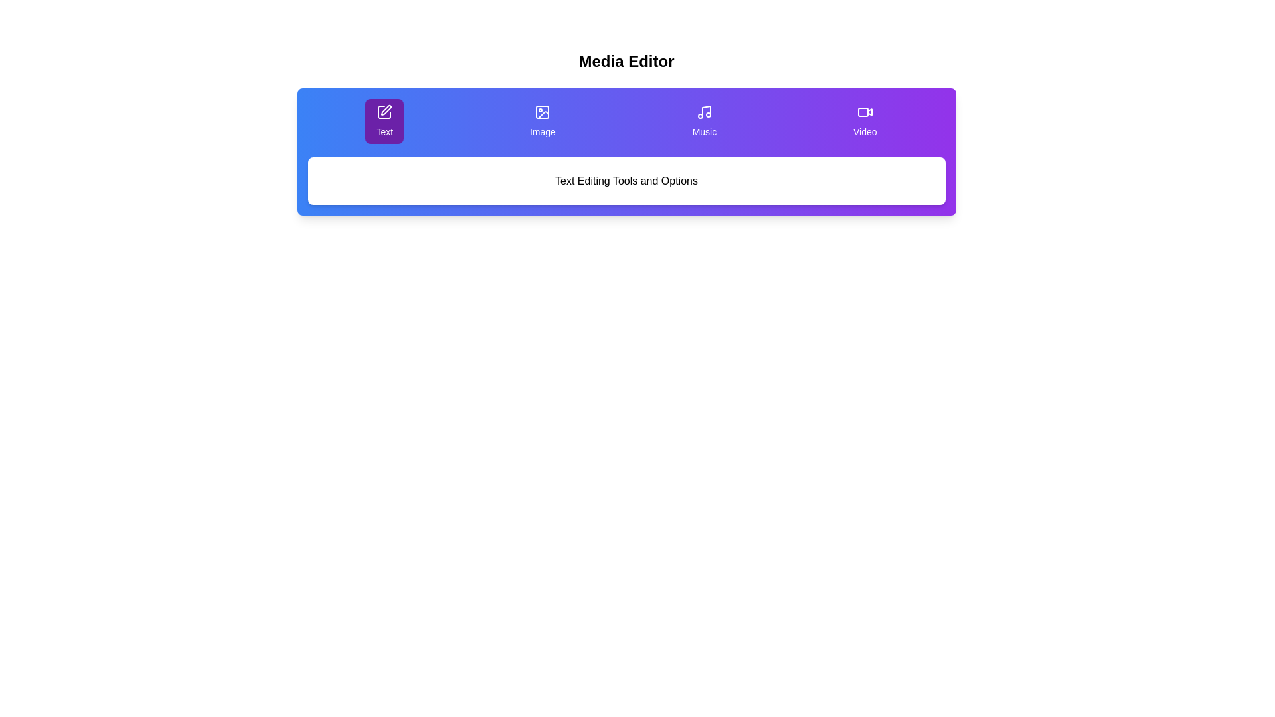 This screenshot has height=717, width=1275. What do you see at coordinates (865, 112) in the screenshot?
I see `the video camera icon, which is a purple SVG graphic located in the 'Video' button in the top-right section of the interface toolbar` at bounding box center [865, 112].